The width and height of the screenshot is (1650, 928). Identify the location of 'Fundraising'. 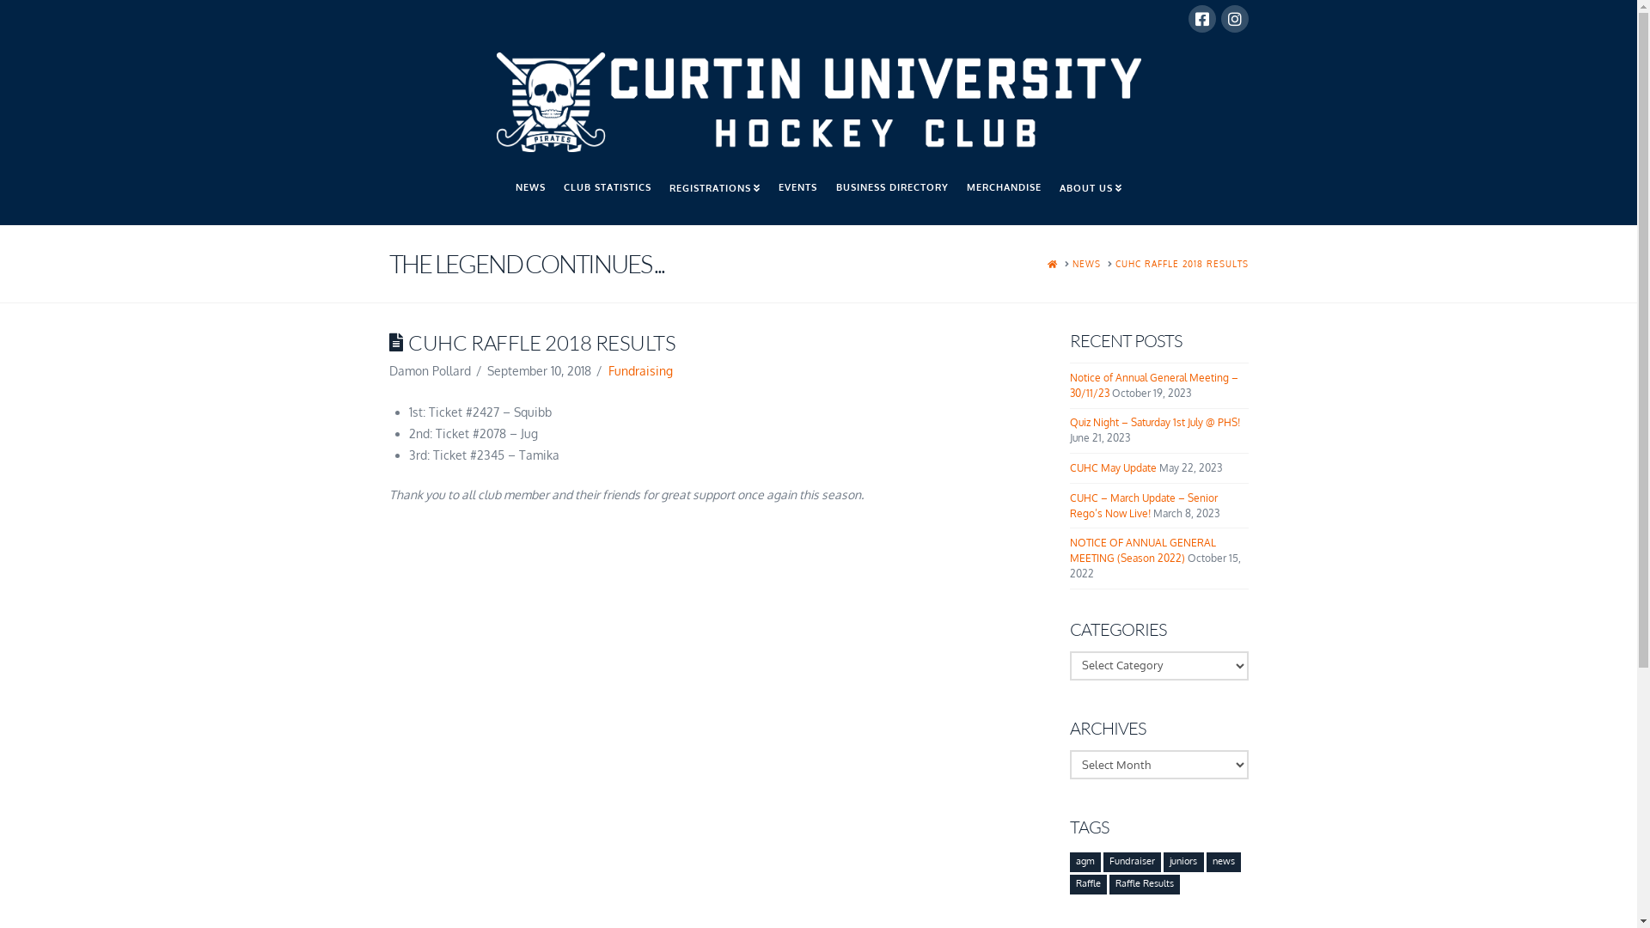
(608, 369).